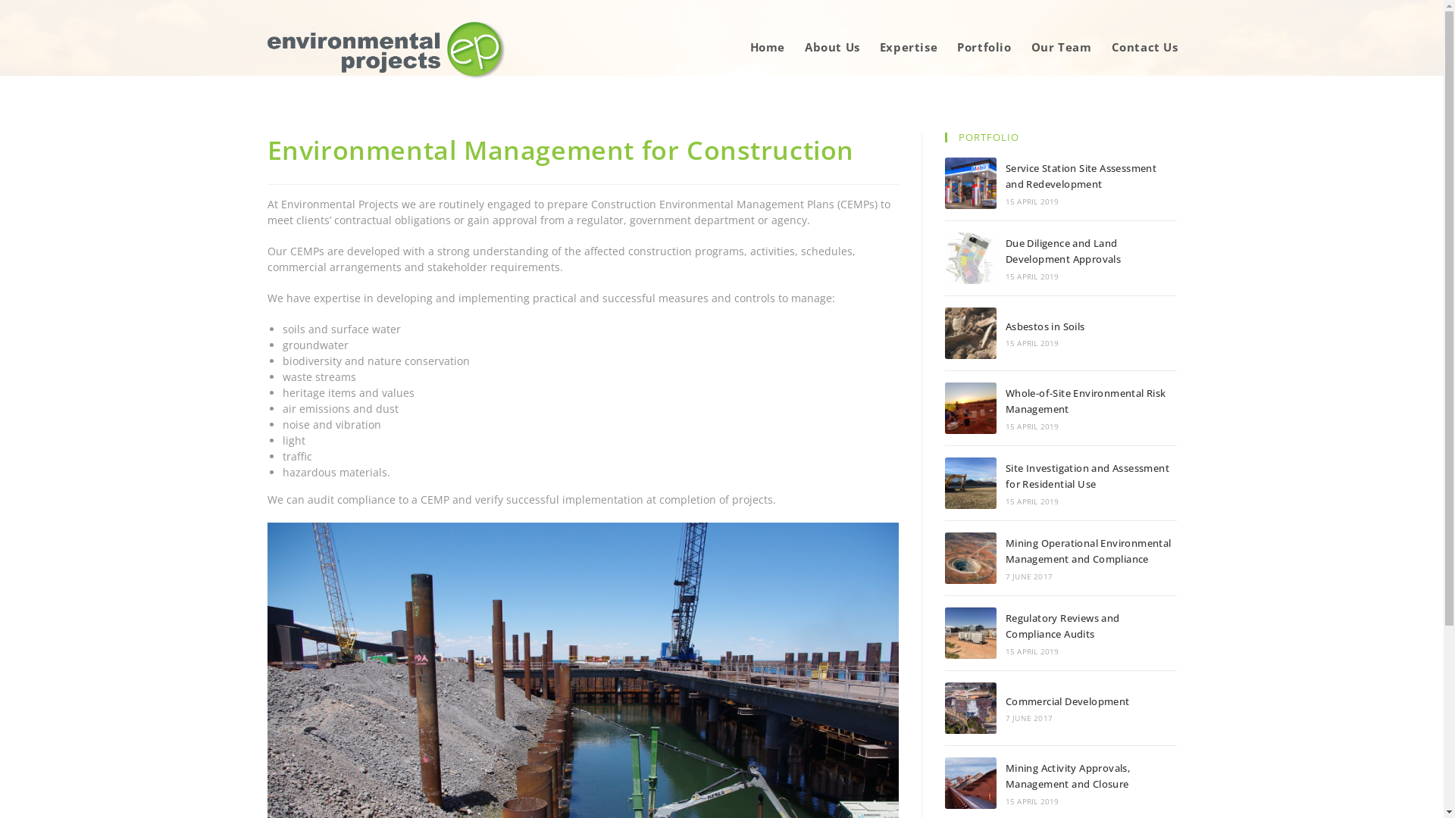 This screenshot has width=1455, height=818. What do you see at coordinates (1044, 326) in the screenshot?
I see `'Asbestos in Soils'` at bounding box center [1044, 326].